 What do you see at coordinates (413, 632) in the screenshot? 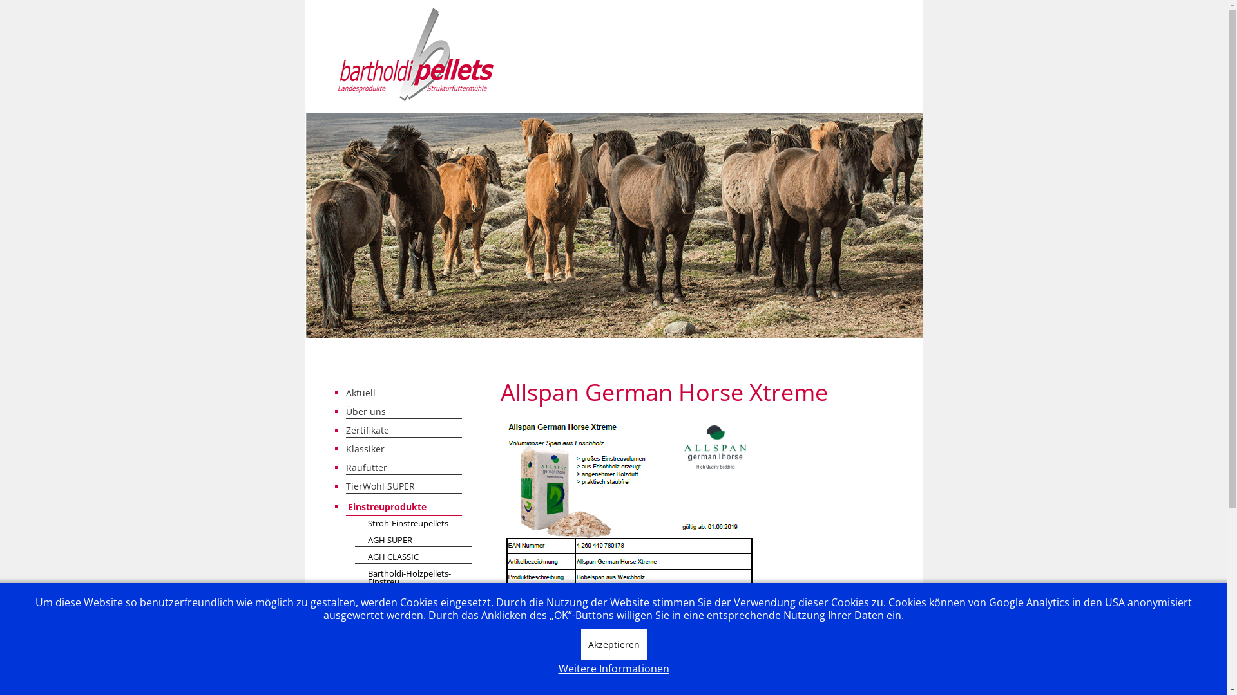
I see `'AGH Mix'` at bounding box center [413, 632].